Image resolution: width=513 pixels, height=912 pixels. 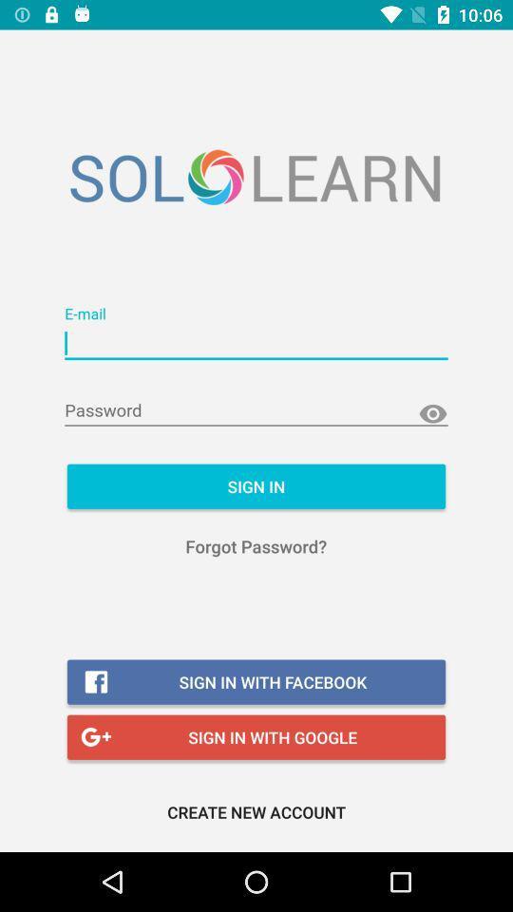 What do you see at coordinates (432, 414) in the screenshot?
I see `see password toggle` at bounding box center [432, 414].